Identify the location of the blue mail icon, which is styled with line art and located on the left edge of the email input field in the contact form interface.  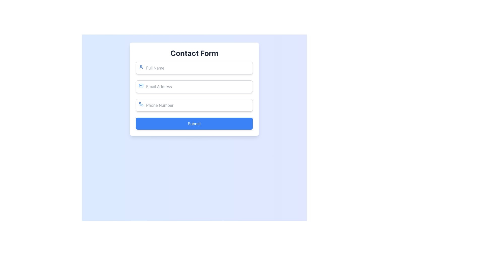
(141, 85).